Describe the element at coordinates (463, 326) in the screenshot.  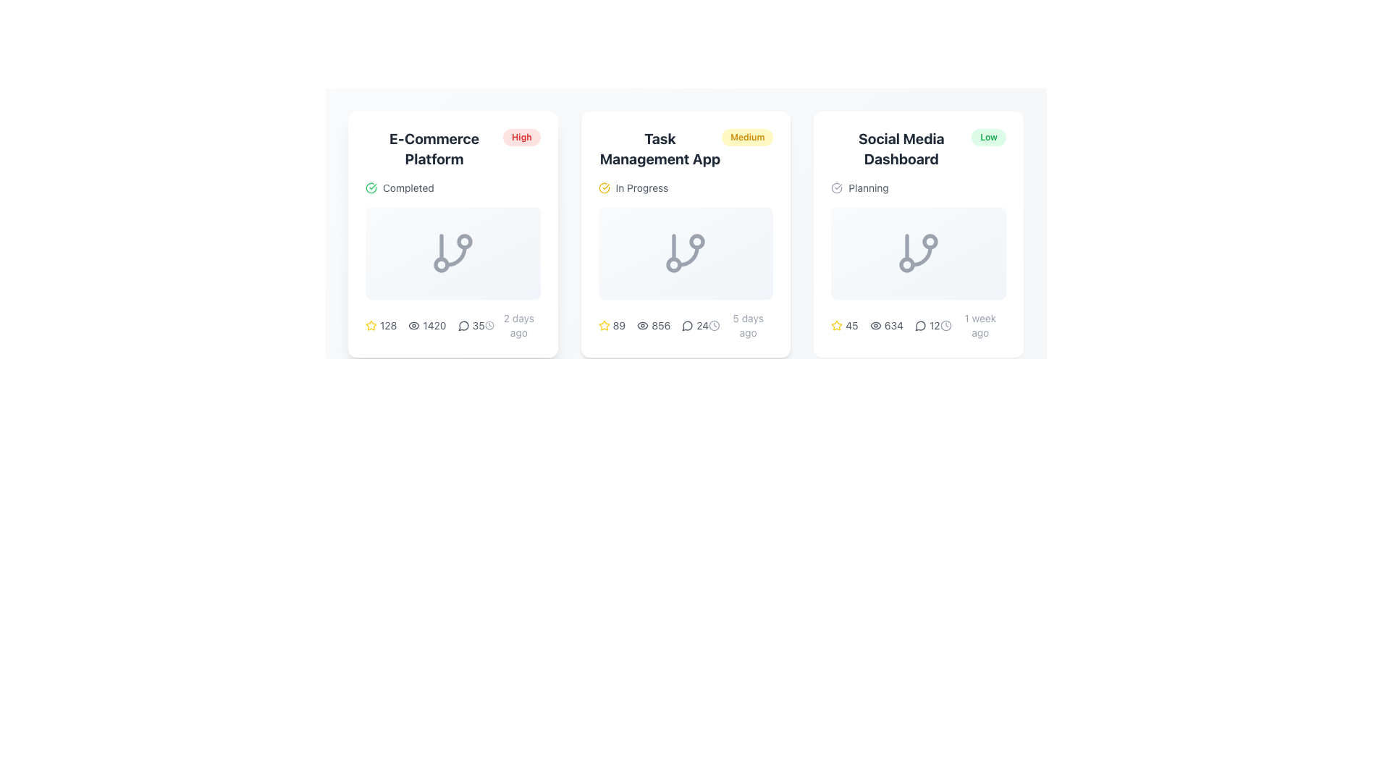
I see `the speech bubble icon representing messaging, located in the information row below the title 'E-Commerce Platform' in the first card, which has a numerical label '35' to its right` at that location.